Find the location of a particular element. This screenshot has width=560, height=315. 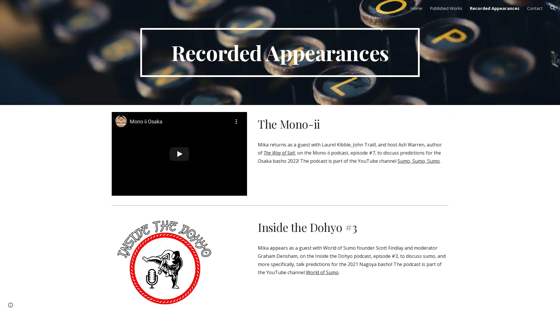

Site actions is located at coordinates (10, 304).